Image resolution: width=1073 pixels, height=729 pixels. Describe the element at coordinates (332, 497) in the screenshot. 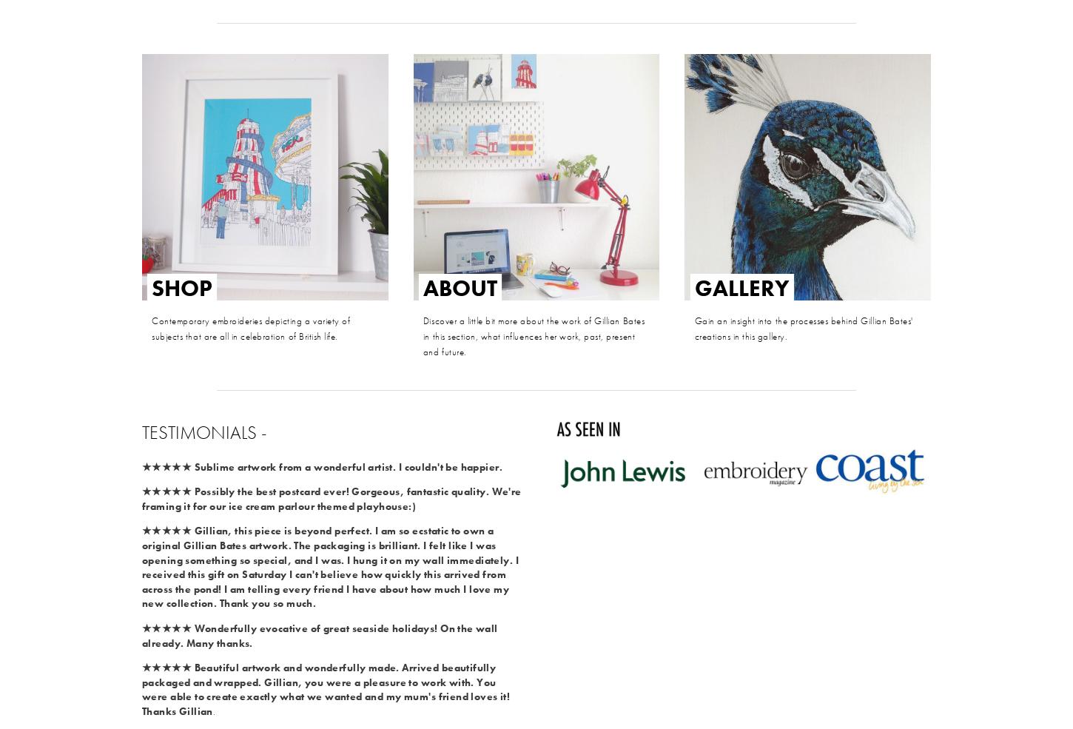

I see `'★★★★★ Possibly the best postcard ever! Gorgeous, fantastic quality. We're framing it for our ice cream parlour themed playhouse:)'` at that location.